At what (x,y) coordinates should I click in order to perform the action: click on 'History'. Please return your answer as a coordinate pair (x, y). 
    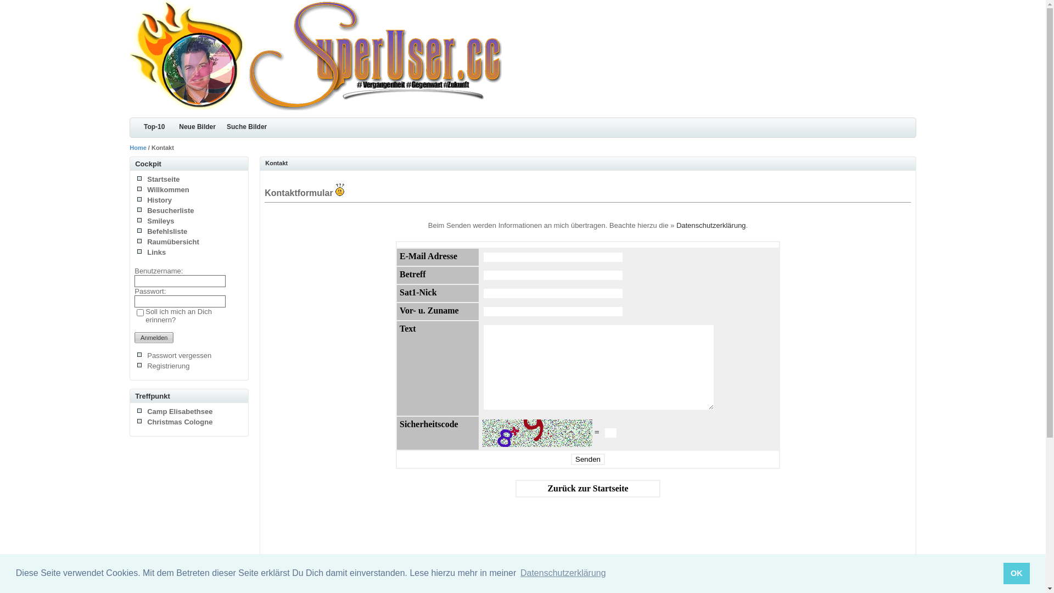
    Looking at the image, I should click on (159, 200).